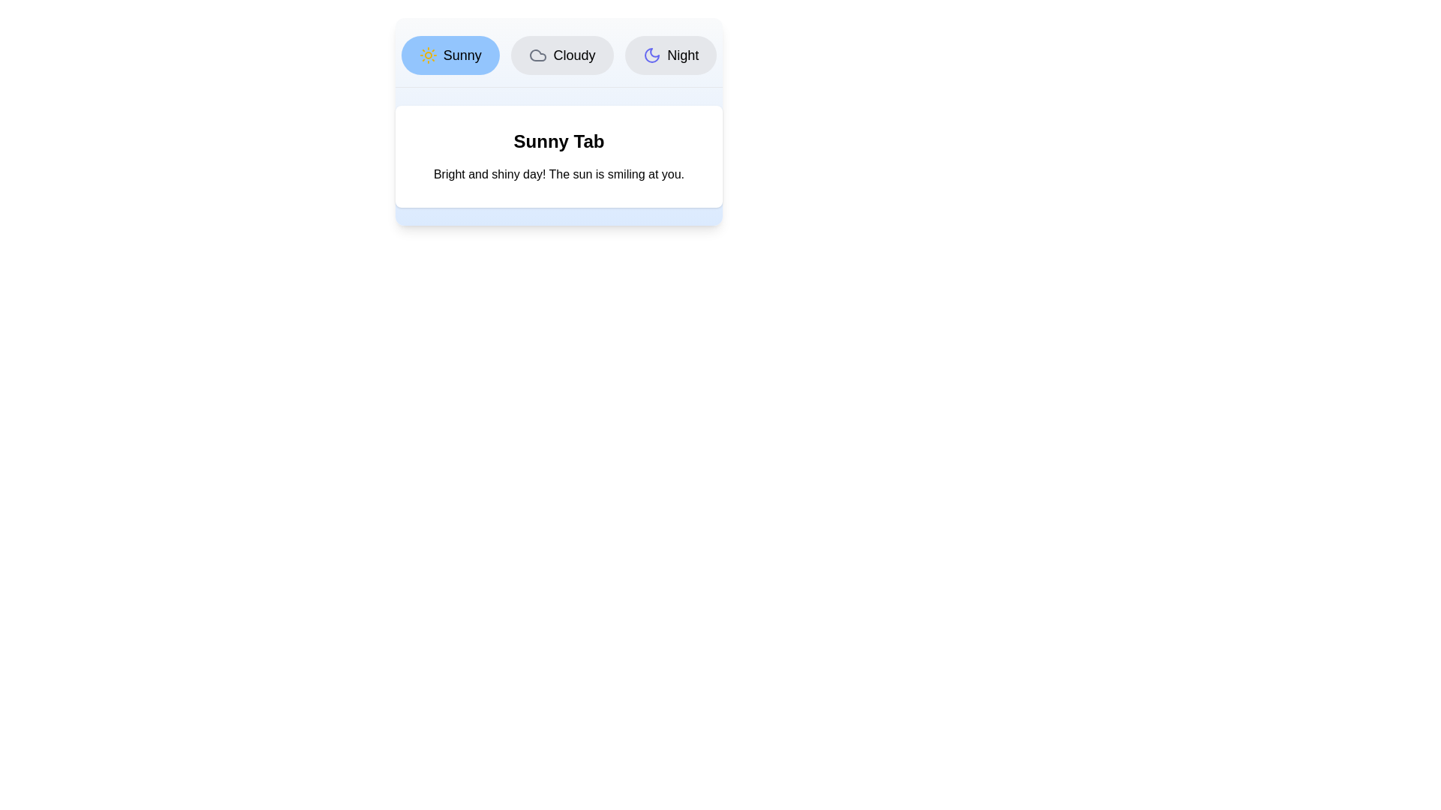 The image size is (1441, 810). I want to click on the icon of the Cloudy tab to visually inspect it, so click(538, 54).